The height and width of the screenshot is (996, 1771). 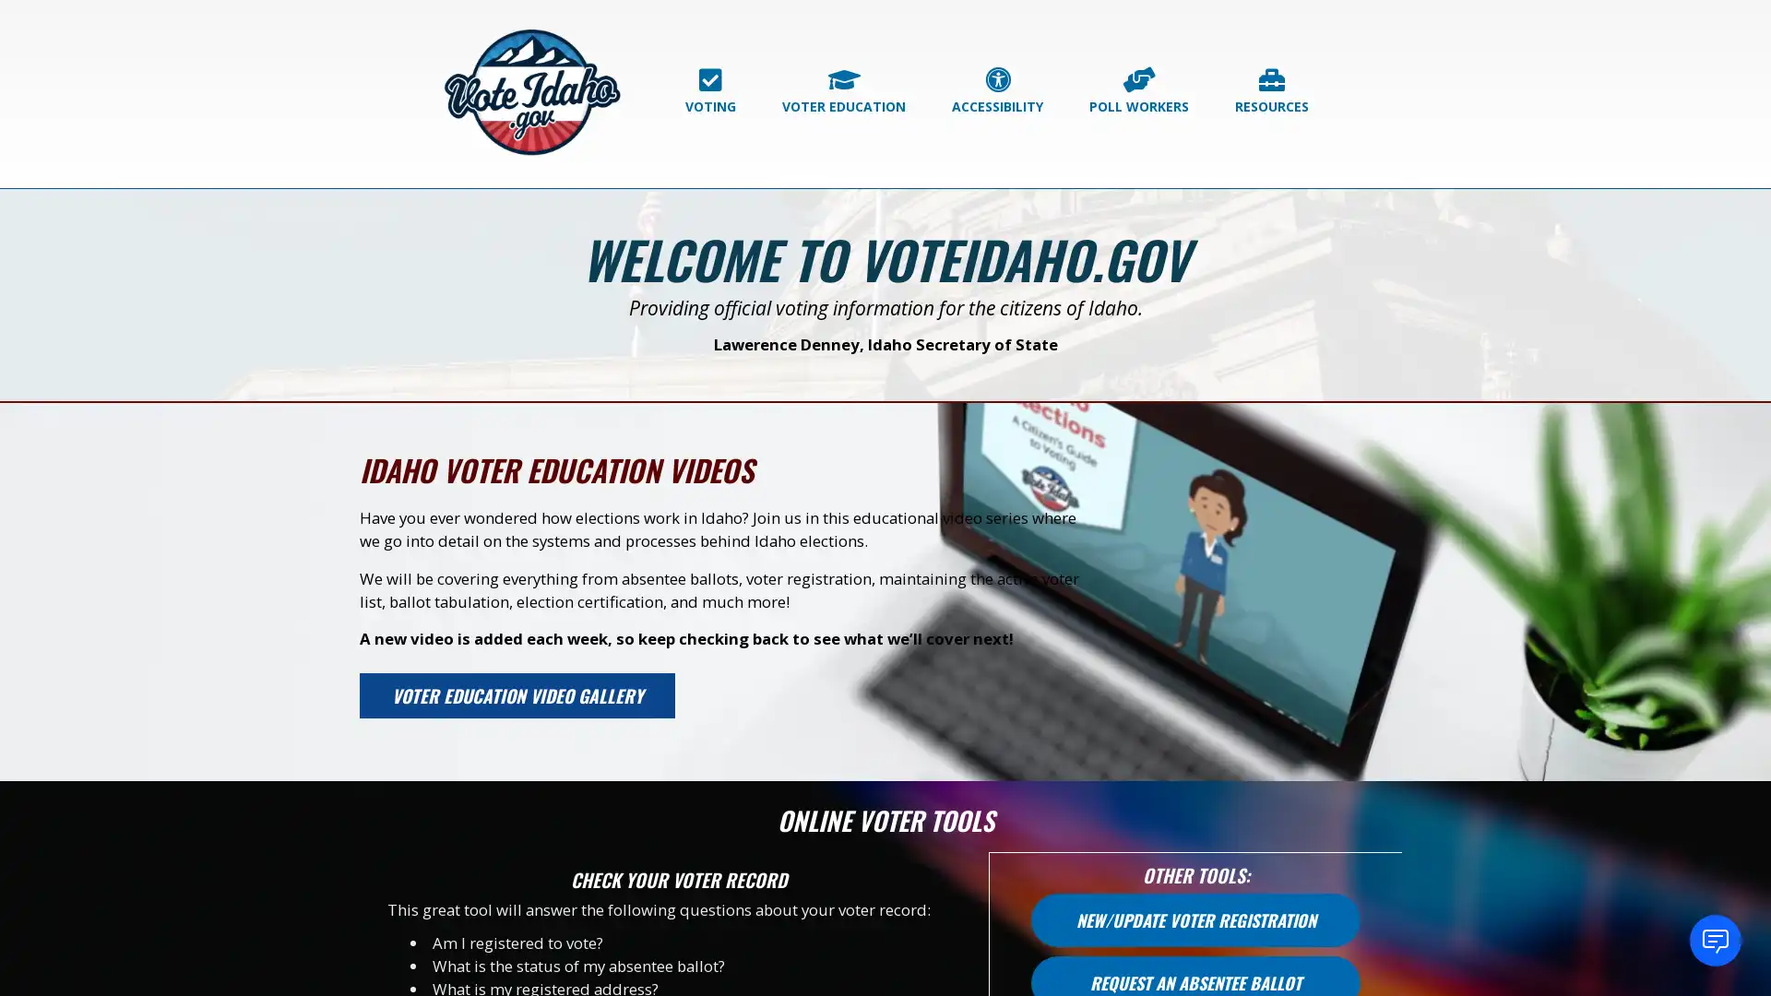 What do you see at coordinates (524, 696) in the screenshot?
I see `VOTER EDUCATION VIDEO GALLERY` at bounding box center [524, 696].